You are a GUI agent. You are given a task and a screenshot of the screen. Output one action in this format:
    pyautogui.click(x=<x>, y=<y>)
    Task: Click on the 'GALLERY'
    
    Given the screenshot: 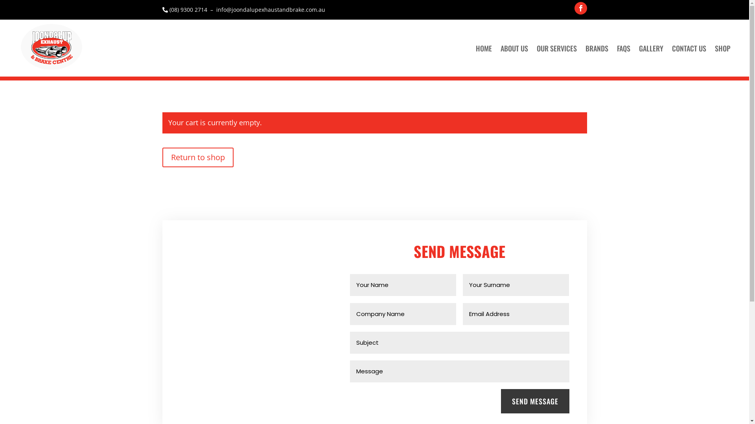 What is the action you would take?
    pyautogui.click(x=651, y=48)
    